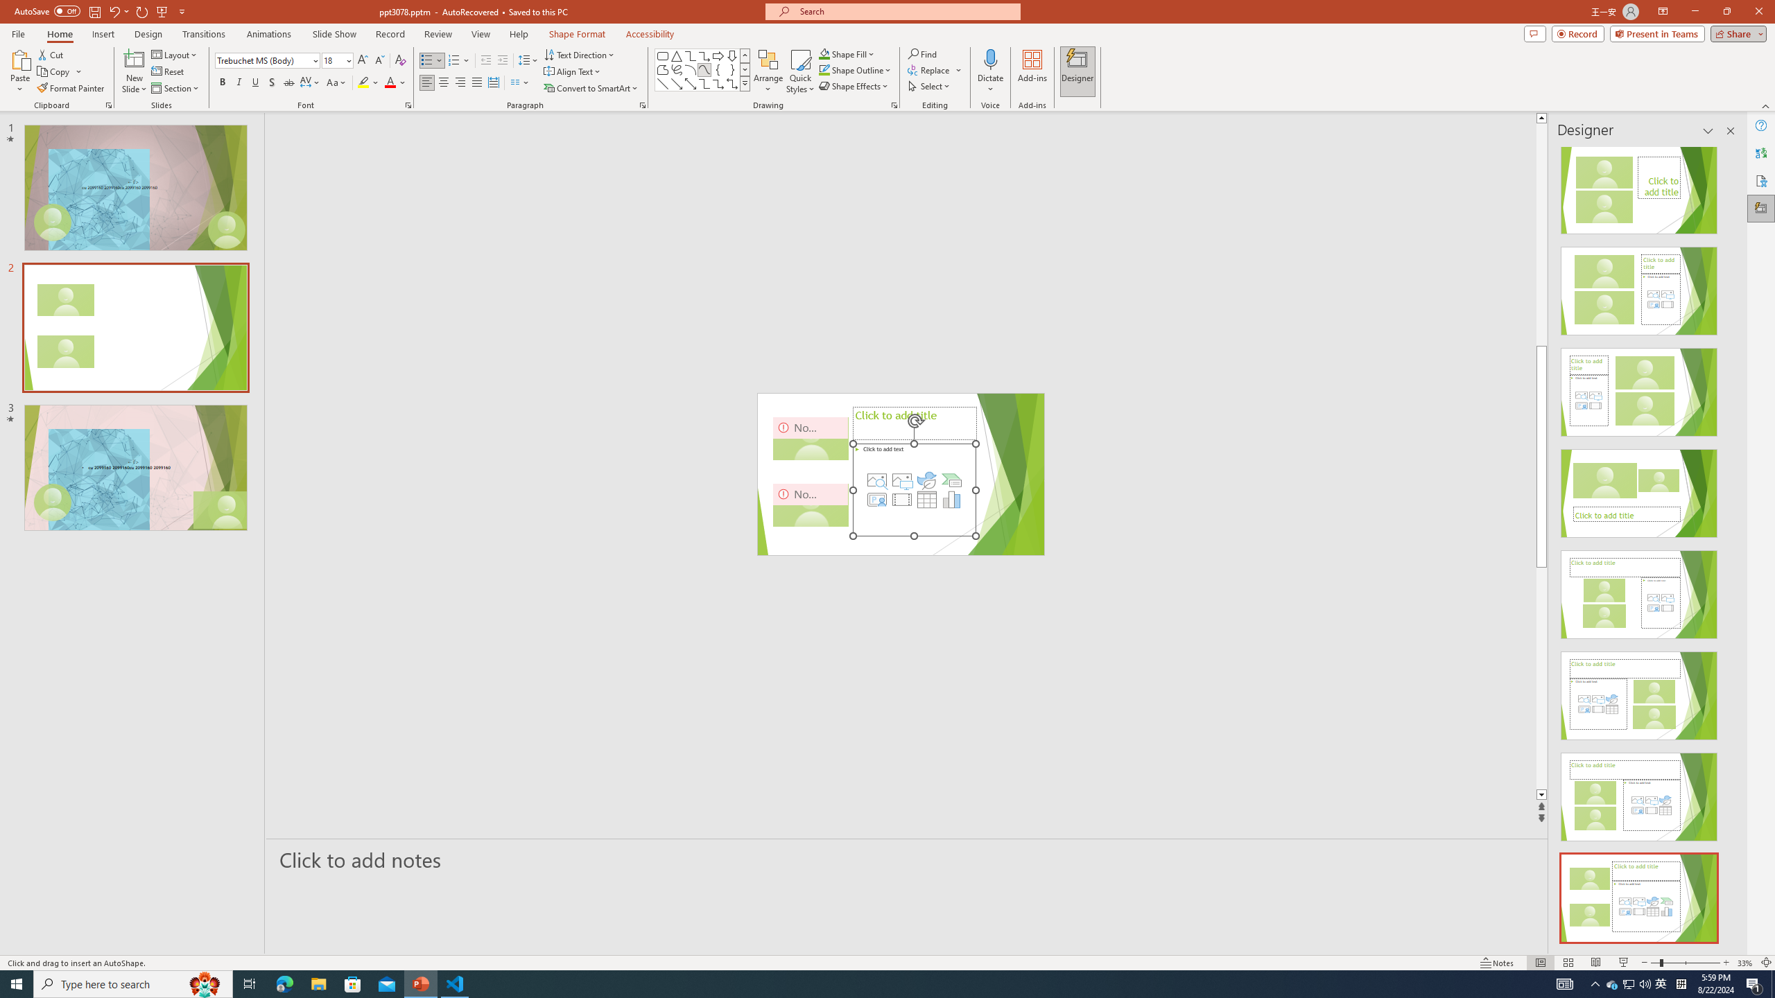 The image size is (1775, 998). I want to click on 'Insert a SmartArt Graphic', so click(952, 480).